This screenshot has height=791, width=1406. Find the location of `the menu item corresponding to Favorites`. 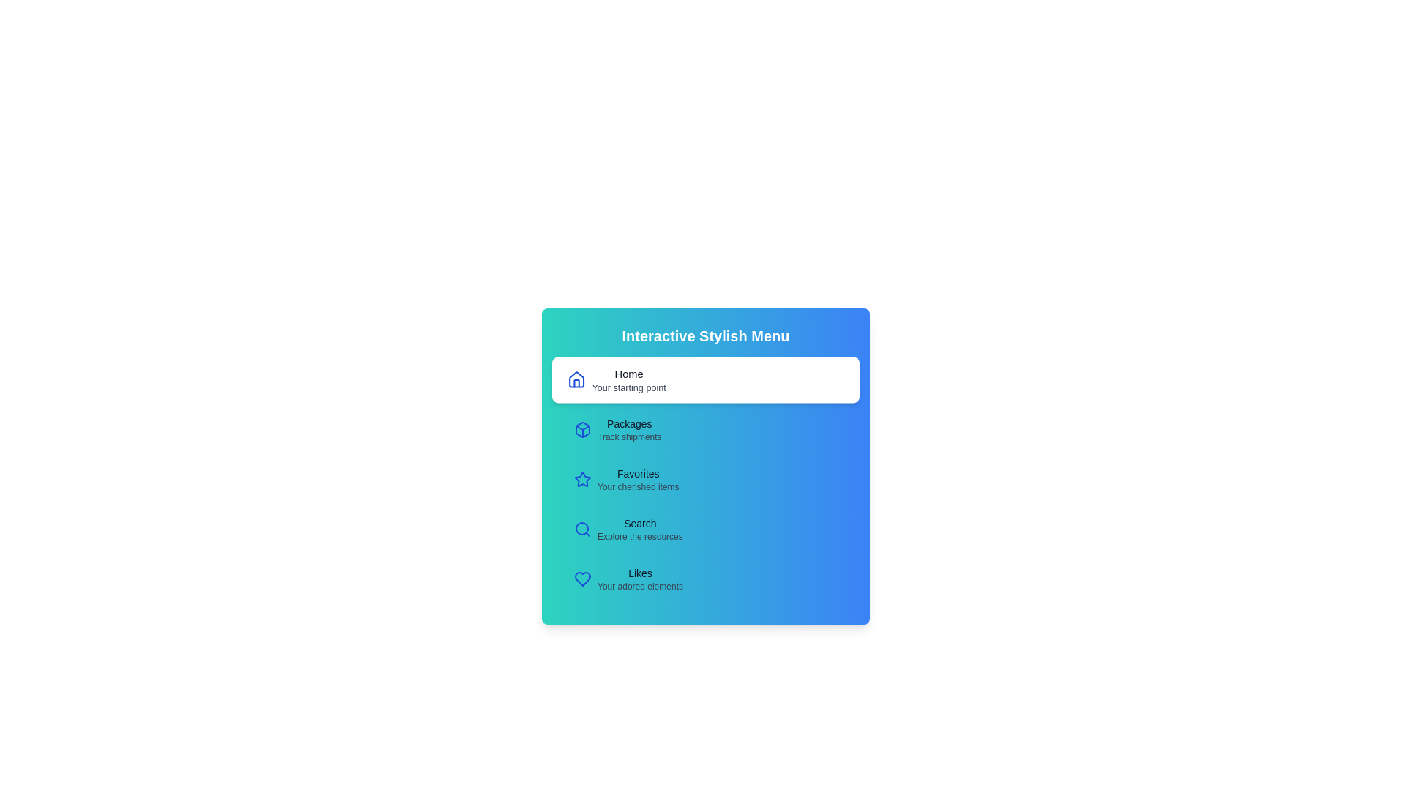

the menu item corresponding to Favorites is located at coordinates (706, 480).